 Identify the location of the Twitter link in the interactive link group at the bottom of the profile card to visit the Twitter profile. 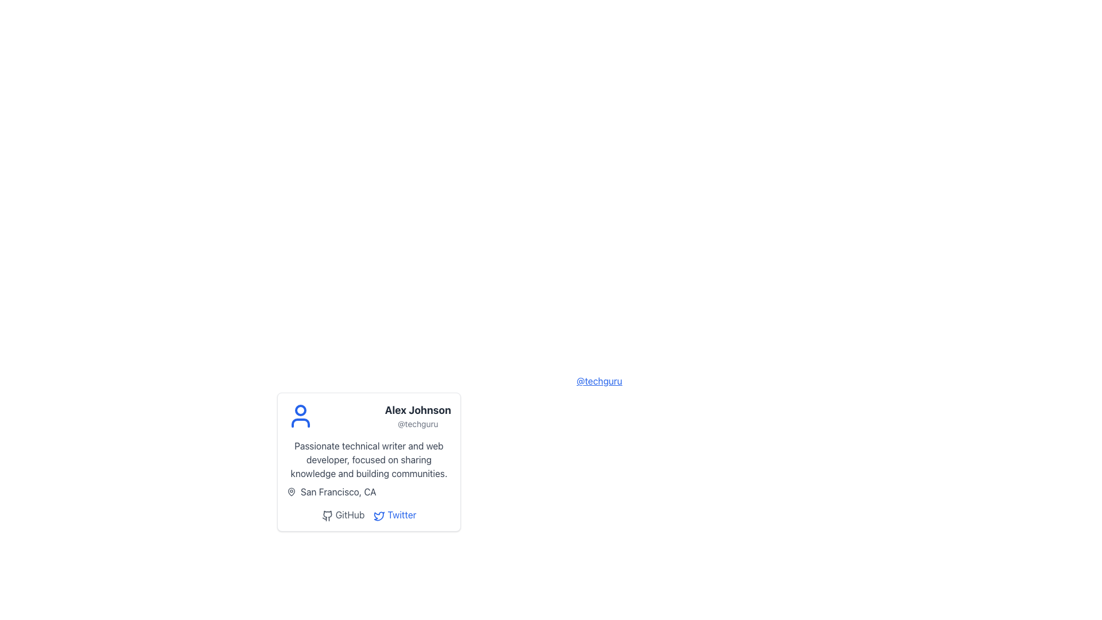
(369, 514).